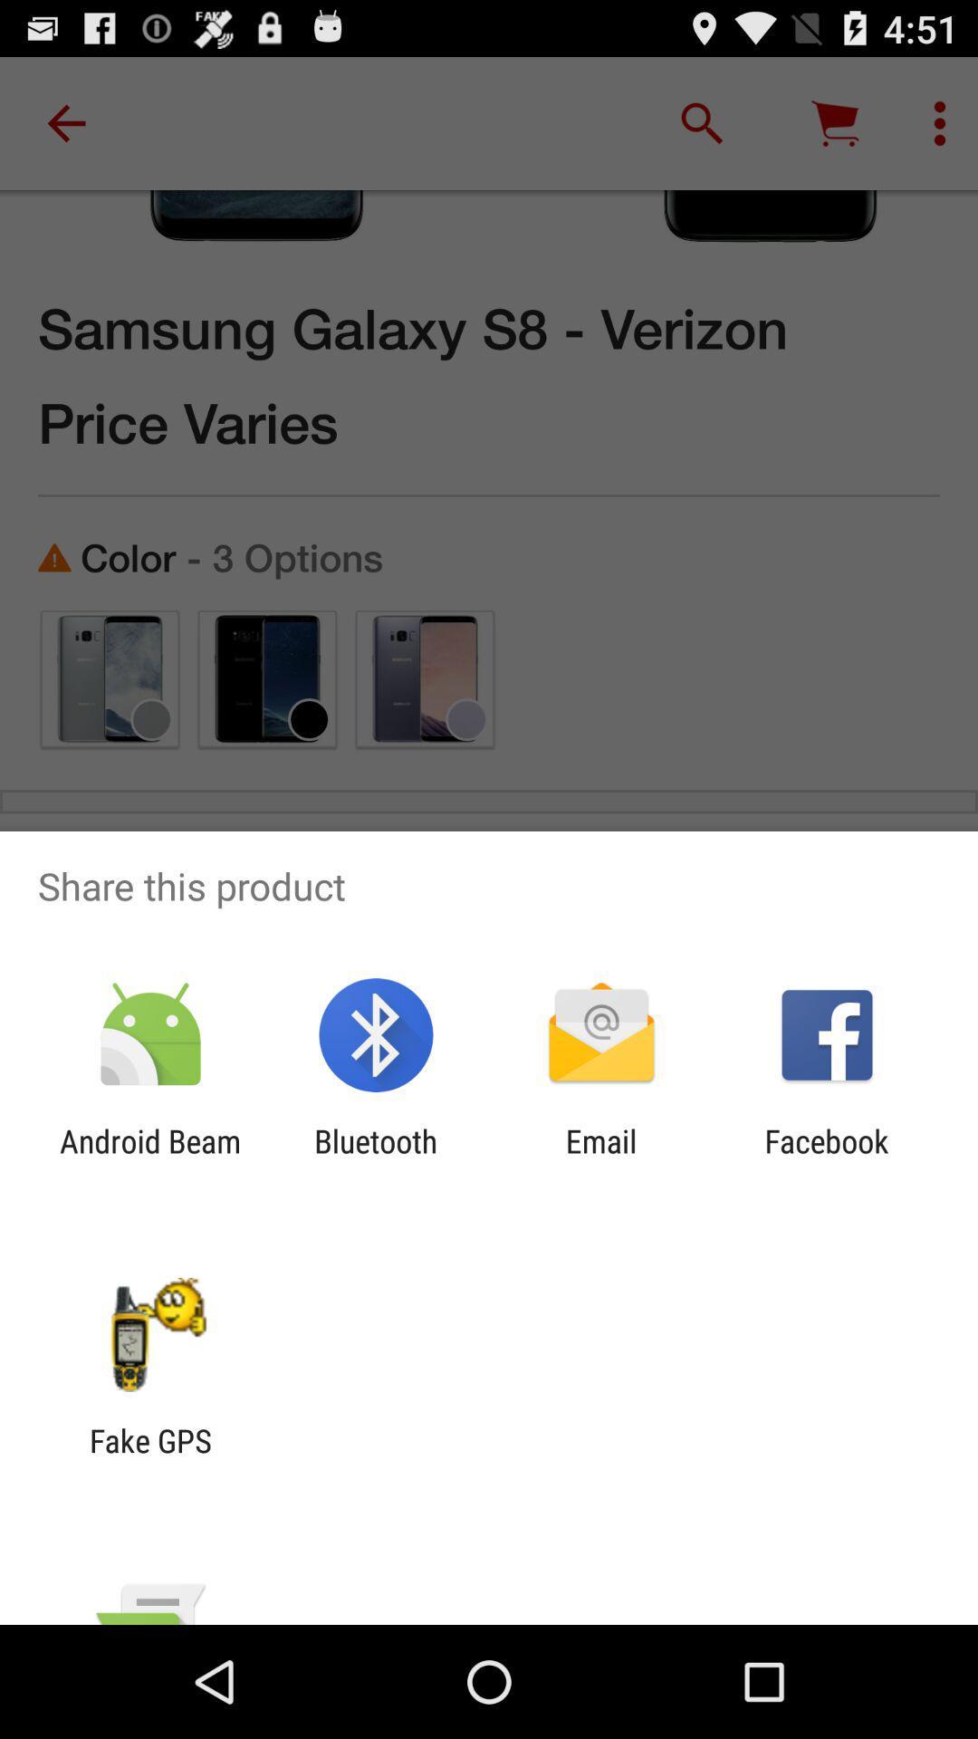 The width and height of the screenshot is (978, 1739). What do you see at coordinates (375, 1160) in the screenshot?
I see `the icon next to the android beam icon` at bounding box center [375, 1160].